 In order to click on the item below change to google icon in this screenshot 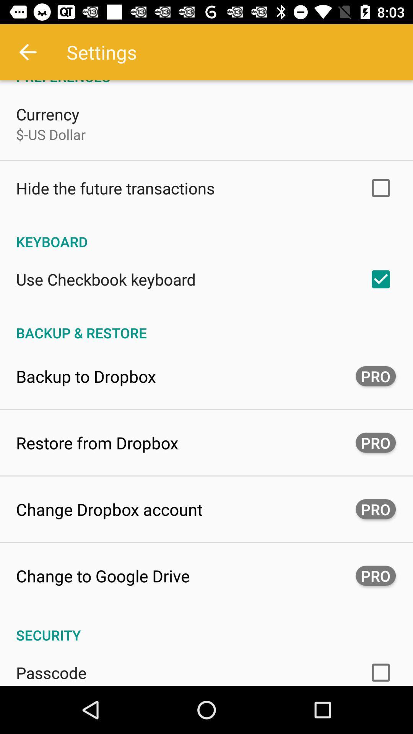, I will do `click(206, 627)`.